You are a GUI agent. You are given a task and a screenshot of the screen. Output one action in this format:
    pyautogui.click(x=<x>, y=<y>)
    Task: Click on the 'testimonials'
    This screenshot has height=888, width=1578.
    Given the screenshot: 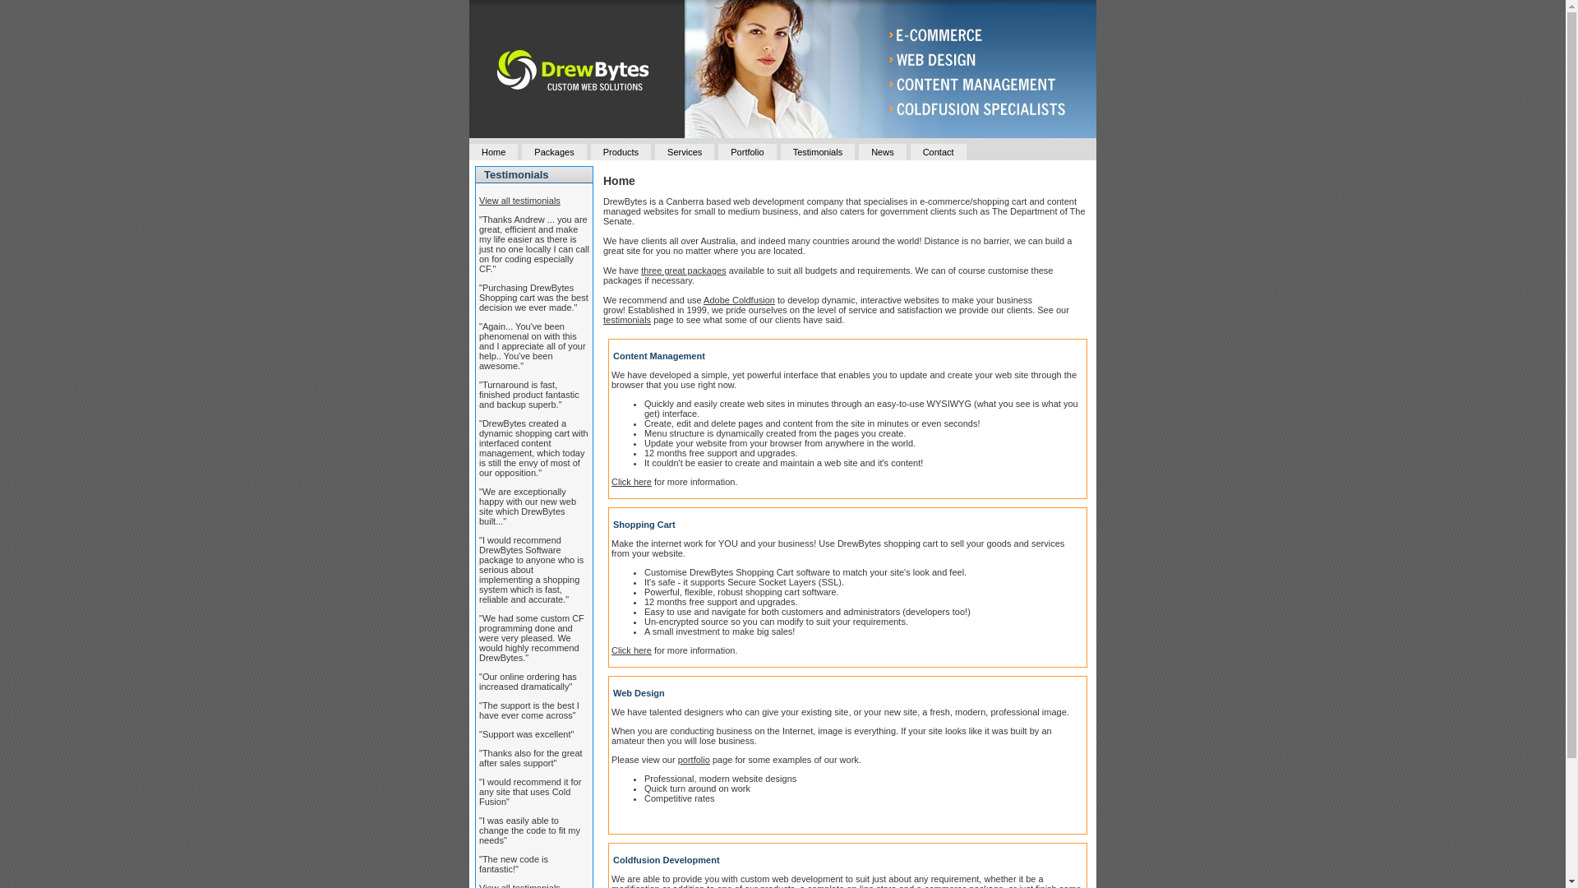 What is the action you would take?
    pyautogui.click(x=626, y=320)
    